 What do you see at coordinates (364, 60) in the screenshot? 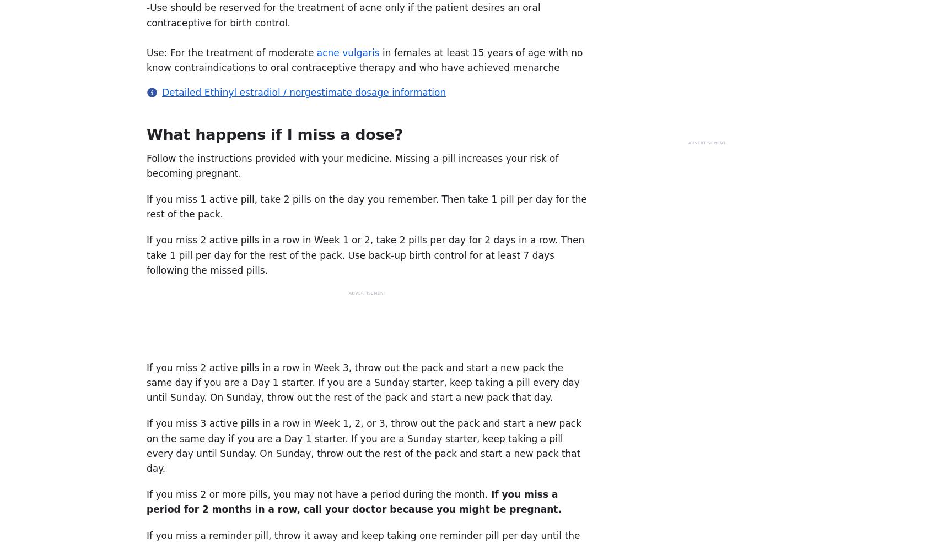
I see `'in females at least 15 years of age with no know contraindications to oral contraceptive therapy and who have achieved menarche'` at bounding box center [364, 60].